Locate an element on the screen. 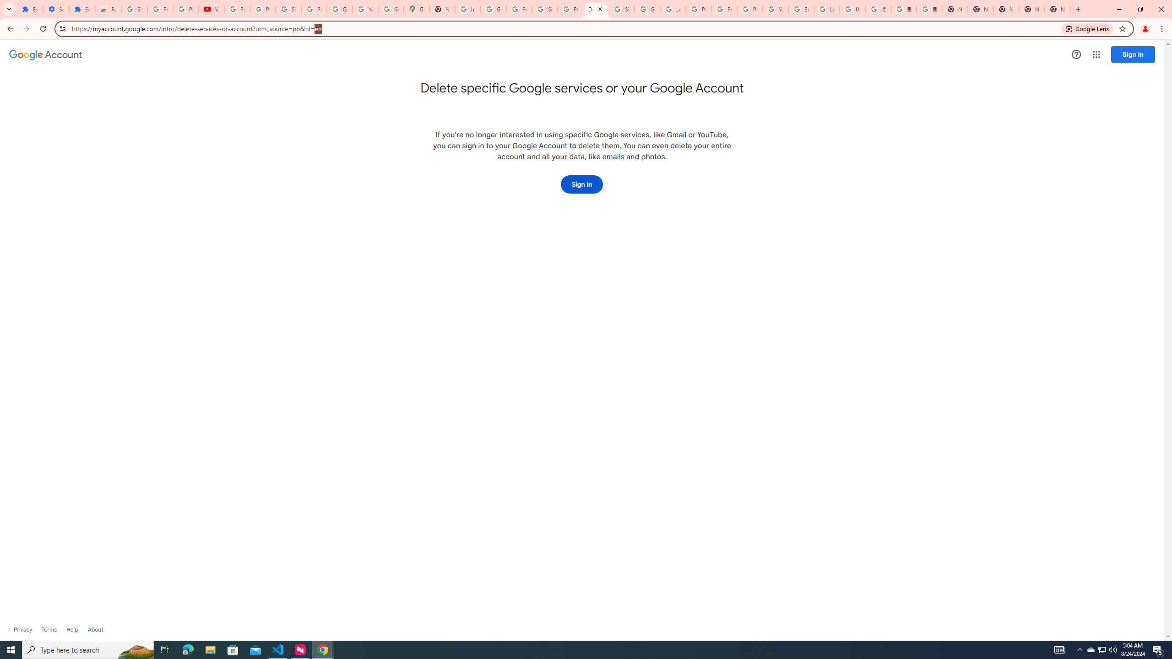 The height and width of the screenshot is (659, 1172). 'Privacy Help Center - Policies Help' is located at coordinates (699, 9).